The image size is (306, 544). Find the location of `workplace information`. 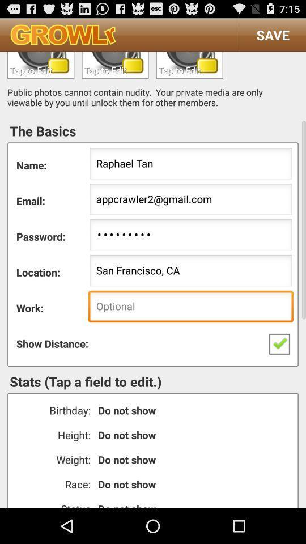

workplace information is located at coordinates (190, 308).